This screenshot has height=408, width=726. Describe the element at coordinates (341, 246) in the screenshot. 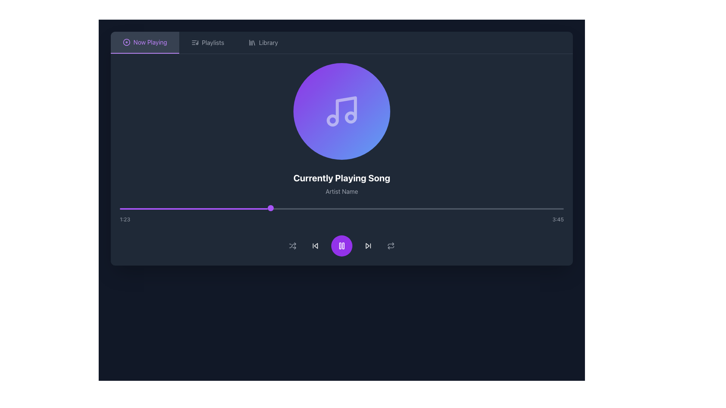

I see `the pause button located centrally at the bottom of the interface, which is the middle button among a row of circular buttons for media playback controls` at that location.